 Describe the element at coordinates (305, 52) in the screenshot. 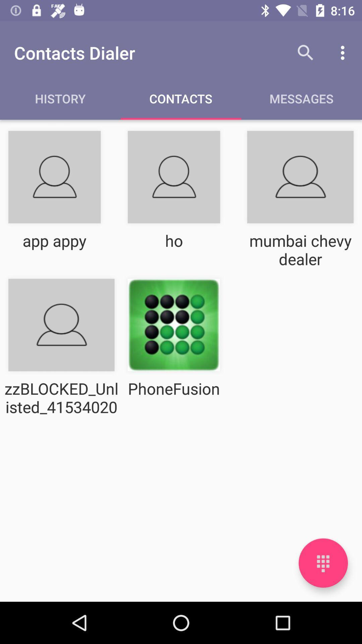

I see `the item above the messages` at that location.